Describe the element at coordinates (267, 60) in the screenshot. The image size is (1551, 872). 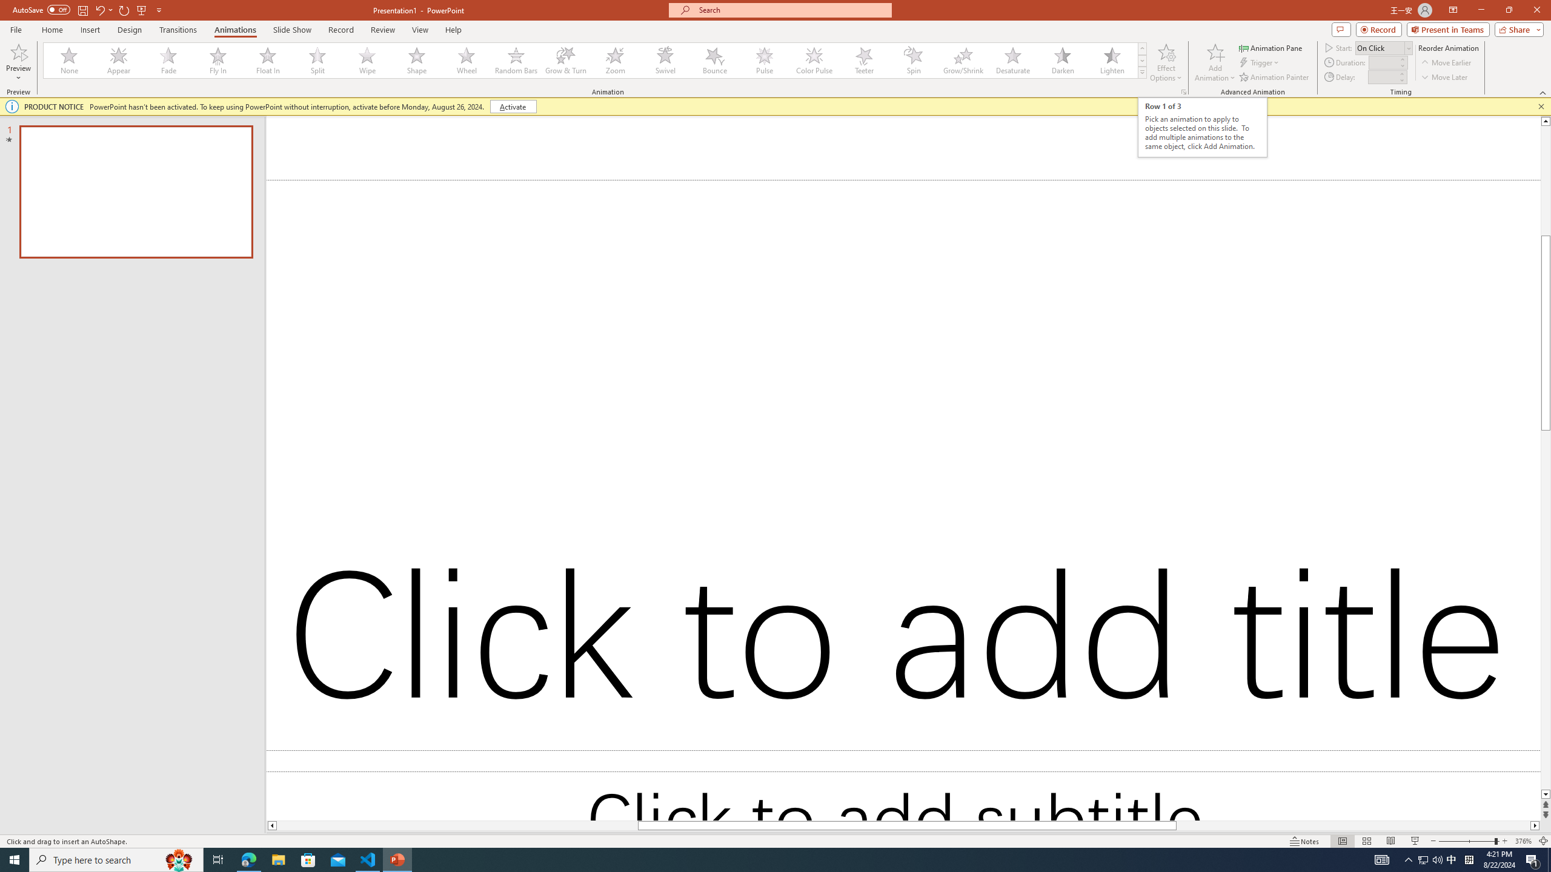
I see `'Float In'` at that location.